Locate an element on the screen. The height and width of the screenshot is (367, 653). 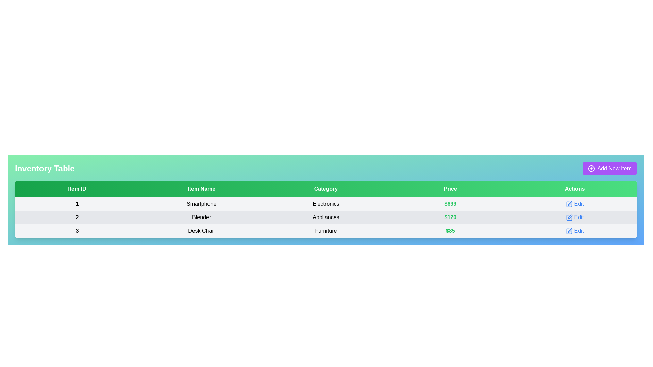
the 'Category' column header in the table, which is the third column header from the left among 'Item ID,' 'Item Name,' 'Category,' 'Price,' and 'Actions.' is located at coordinates (325, 189).